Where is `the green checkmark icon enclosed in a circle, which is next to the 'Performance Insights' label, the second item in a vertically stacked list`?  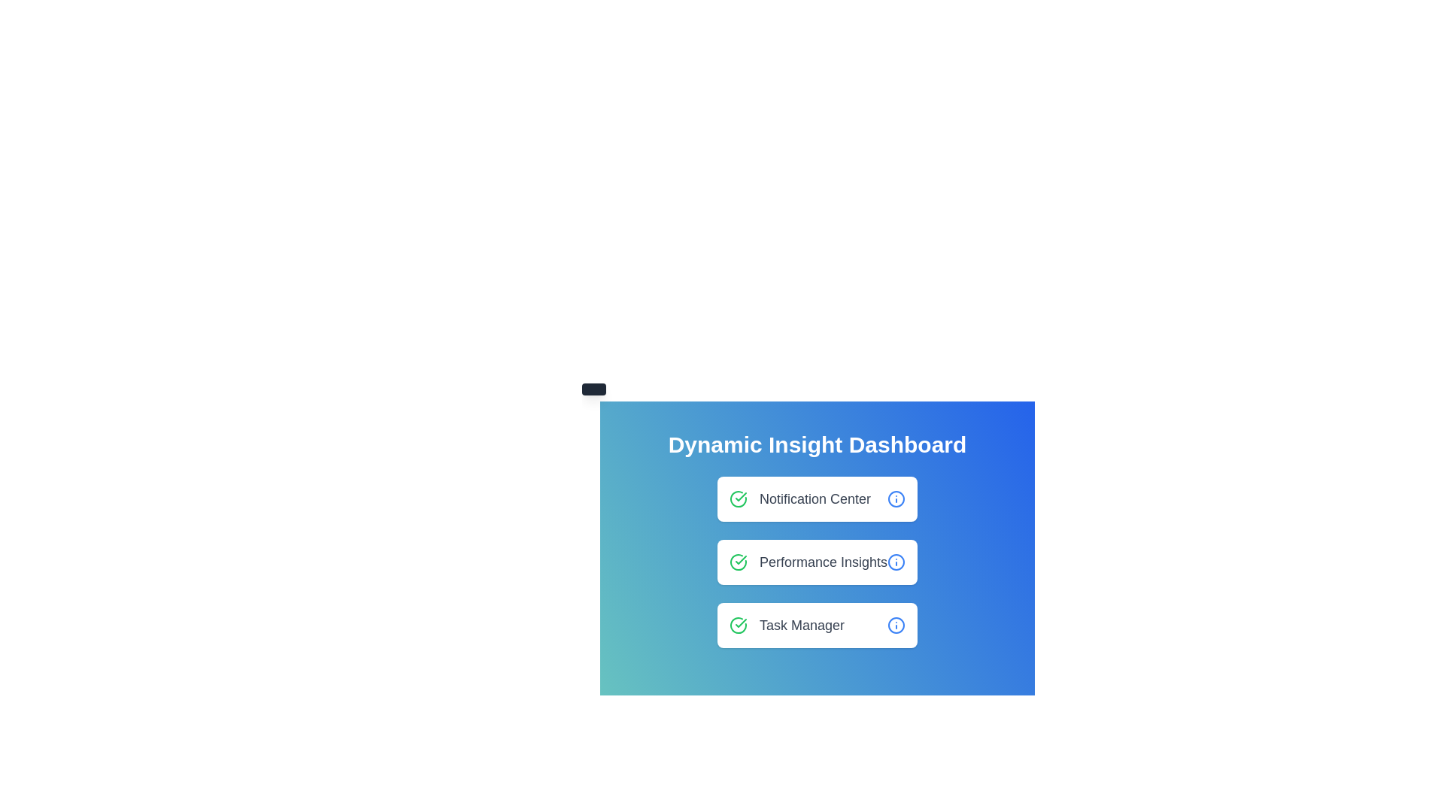 the green checkmark icon enclosed in a circle, which is next to the 'Performance Insights' label, the second item in a vertically stacked list is located at coordinates (738, 562).